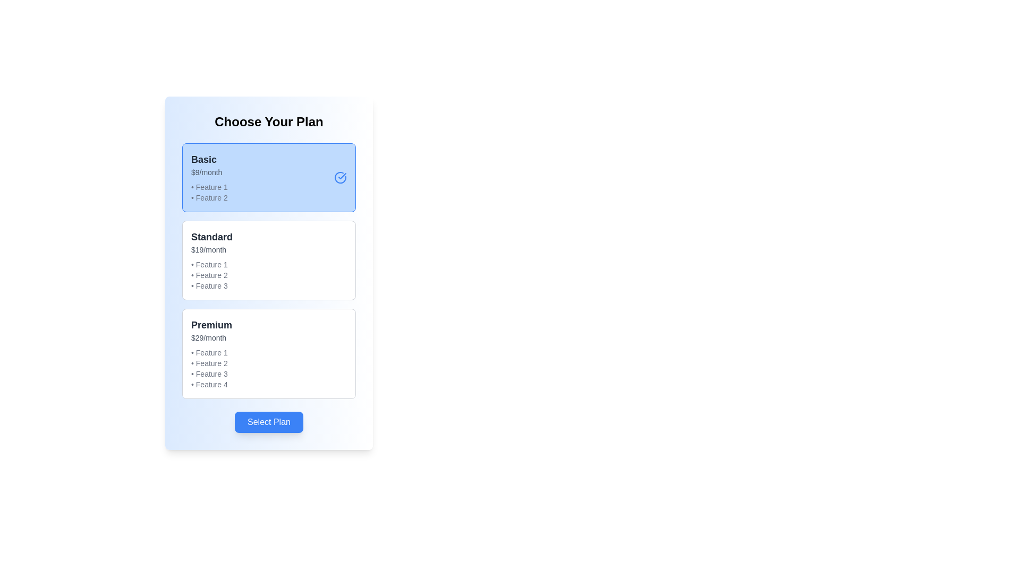  What do you see at coordinates (211, 337) in the screenshot?
I see `the text label displaying the monthly cost of the 'Premium' plan in the subscription selection interface` at bounding box center [211, 337].